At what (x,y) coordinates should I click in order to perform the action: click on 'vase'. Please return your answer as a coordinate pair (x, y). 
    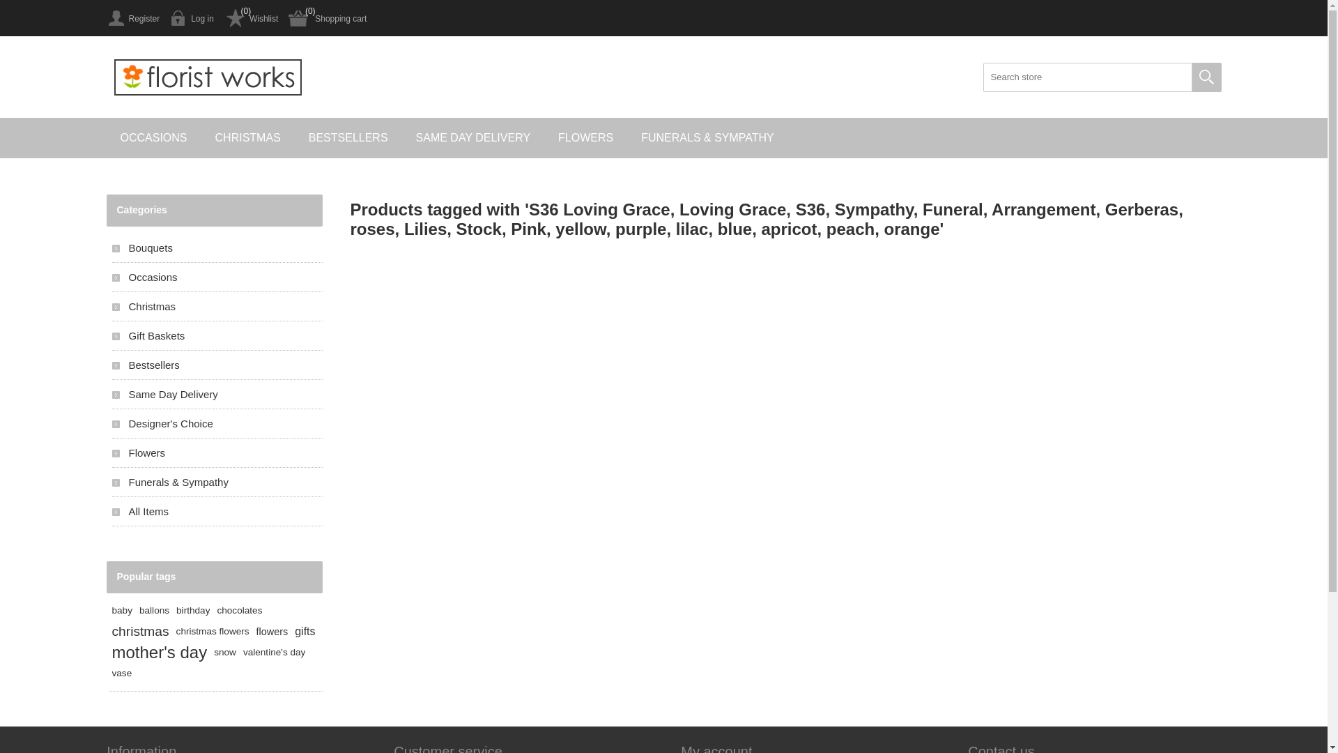
    Looking at the image, I should click on (110, 672).